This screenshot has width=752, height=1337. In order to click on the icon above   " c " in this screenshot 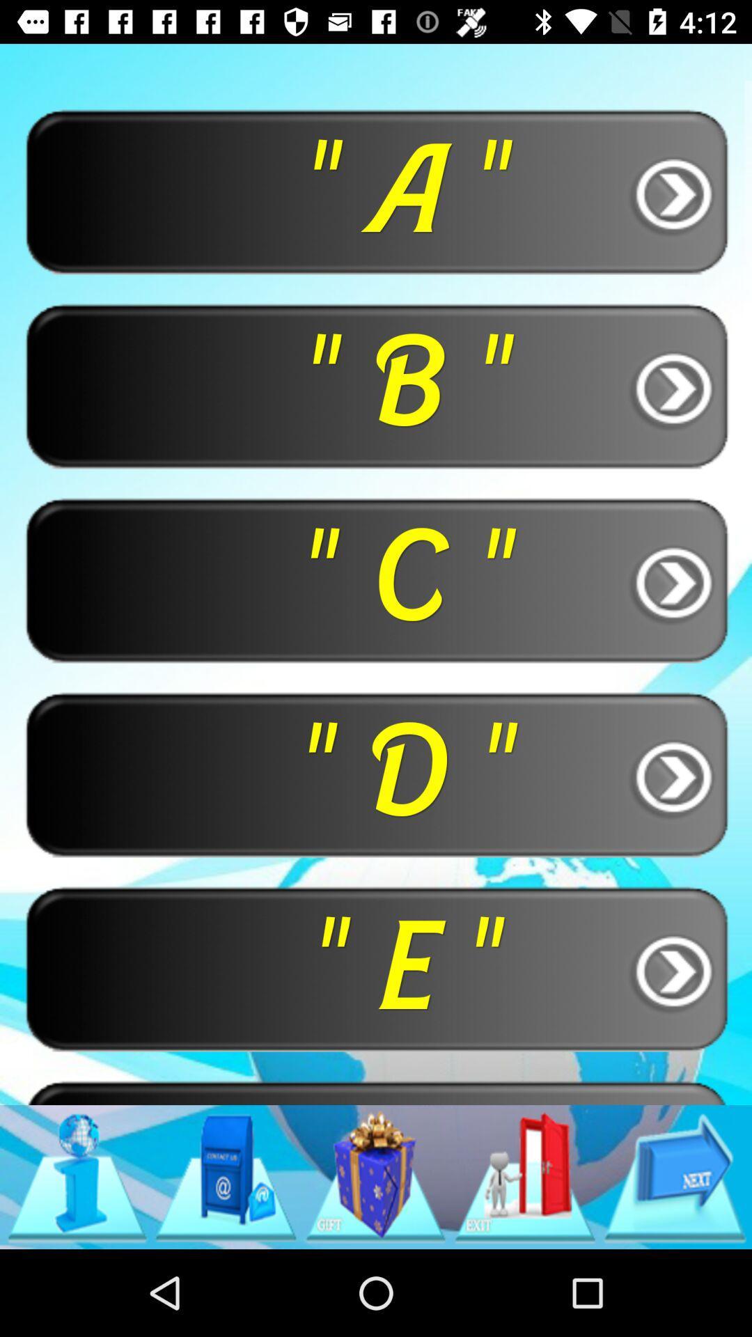, I will do `click(376, 385)`.